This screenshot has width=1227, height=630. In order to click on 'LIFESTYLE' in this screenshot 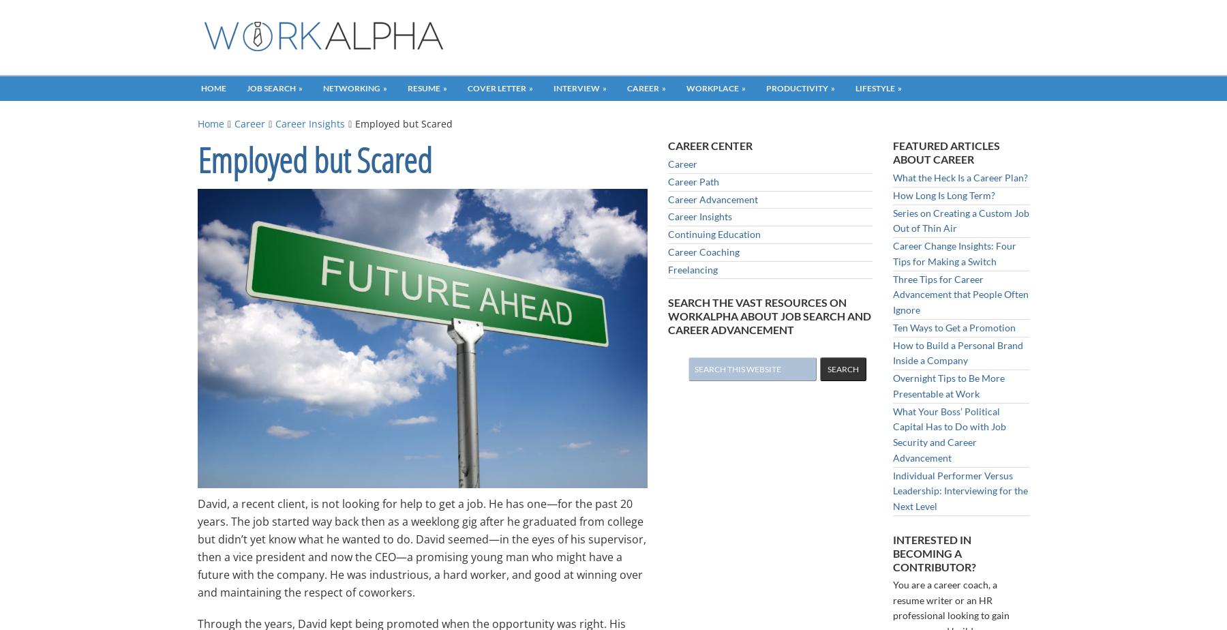, I will do `click(875, 88)`.